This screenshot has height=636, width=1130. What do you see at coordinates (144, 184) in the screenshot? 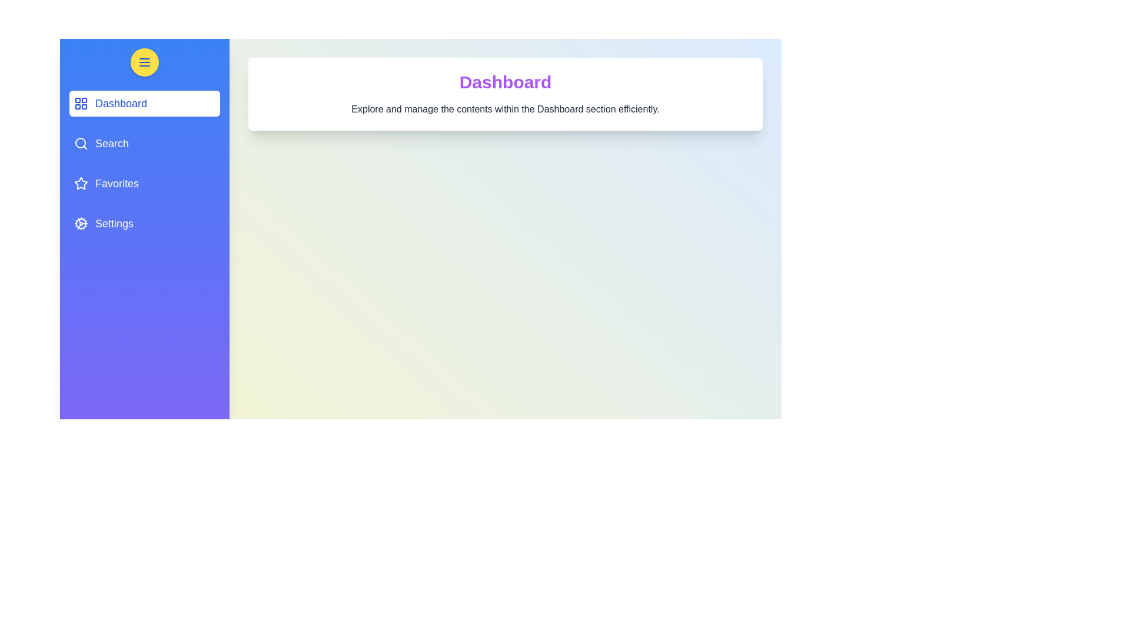
I see `the navigation menu item corresponding to Favorites` at bounding box center [144, 184].